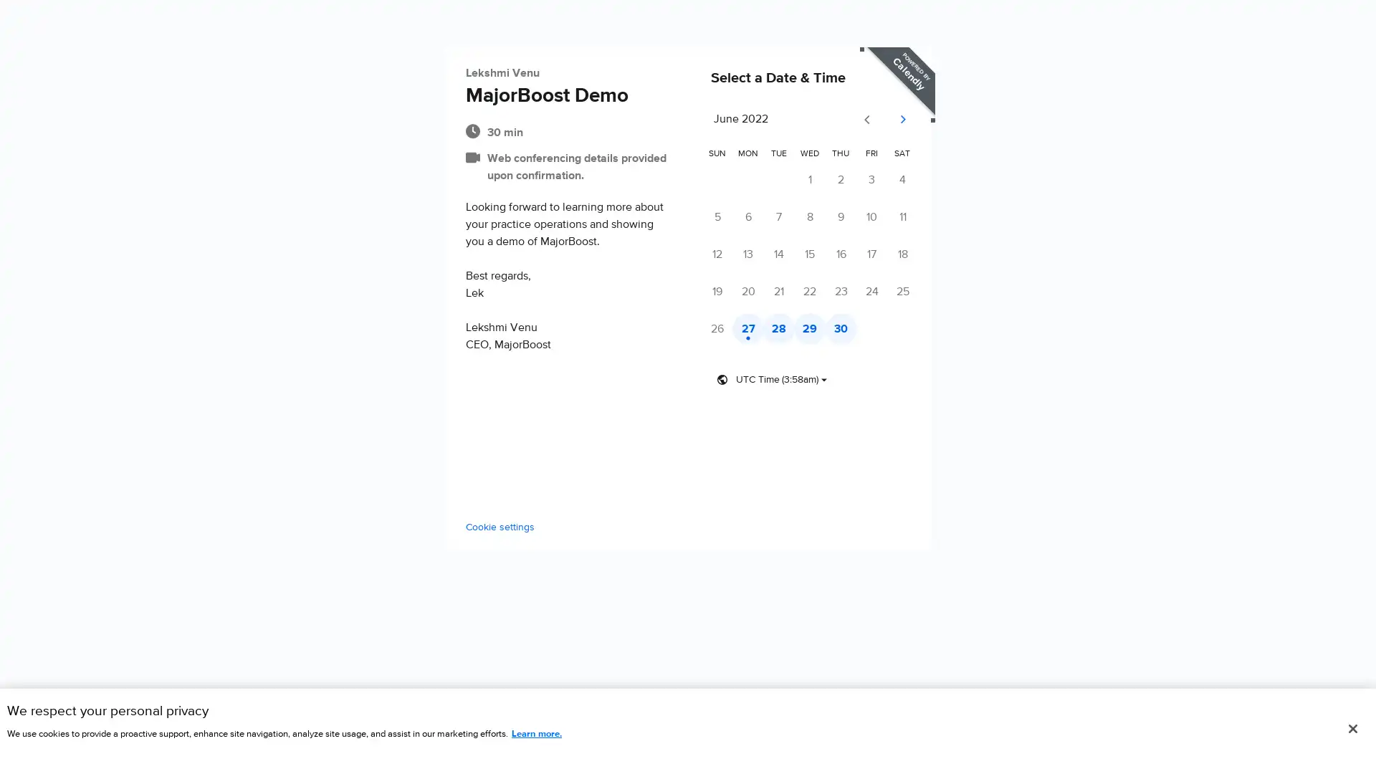 The width and height of the screenshot is (1376, 774). What do you see at coordinates (866, 179) in the screenshot?
I see `Thursday, June 2 - No times available` at bounding box center [866, 179].